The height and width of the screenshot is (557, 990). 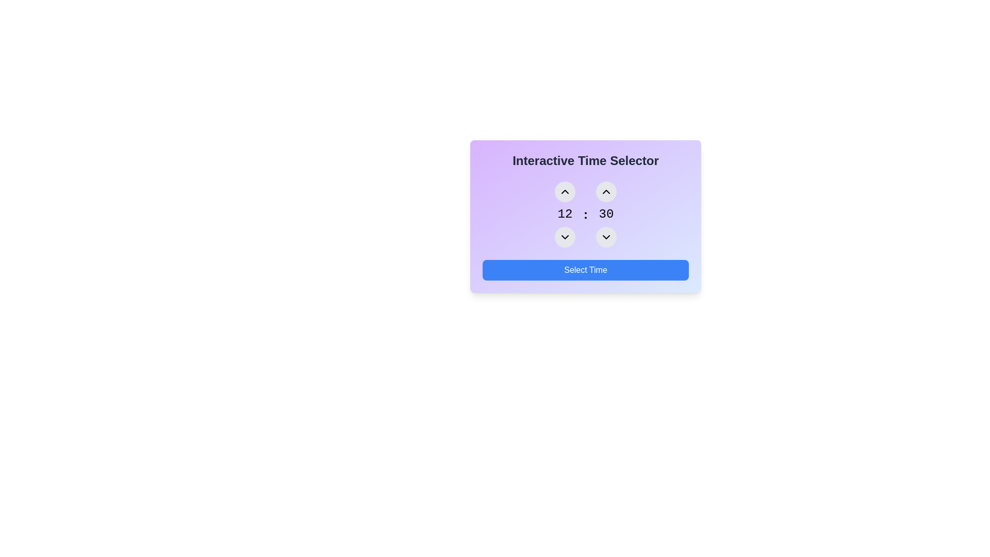 What do you see at coordinates (564, 191) in the screenshot?
I see `the upward-pointing chevron icon button, which is light gray and changes to a darker gray upon interaction, located in the top-left corner of the time selection interface above the number '12'` at bounding box center [564, 191].